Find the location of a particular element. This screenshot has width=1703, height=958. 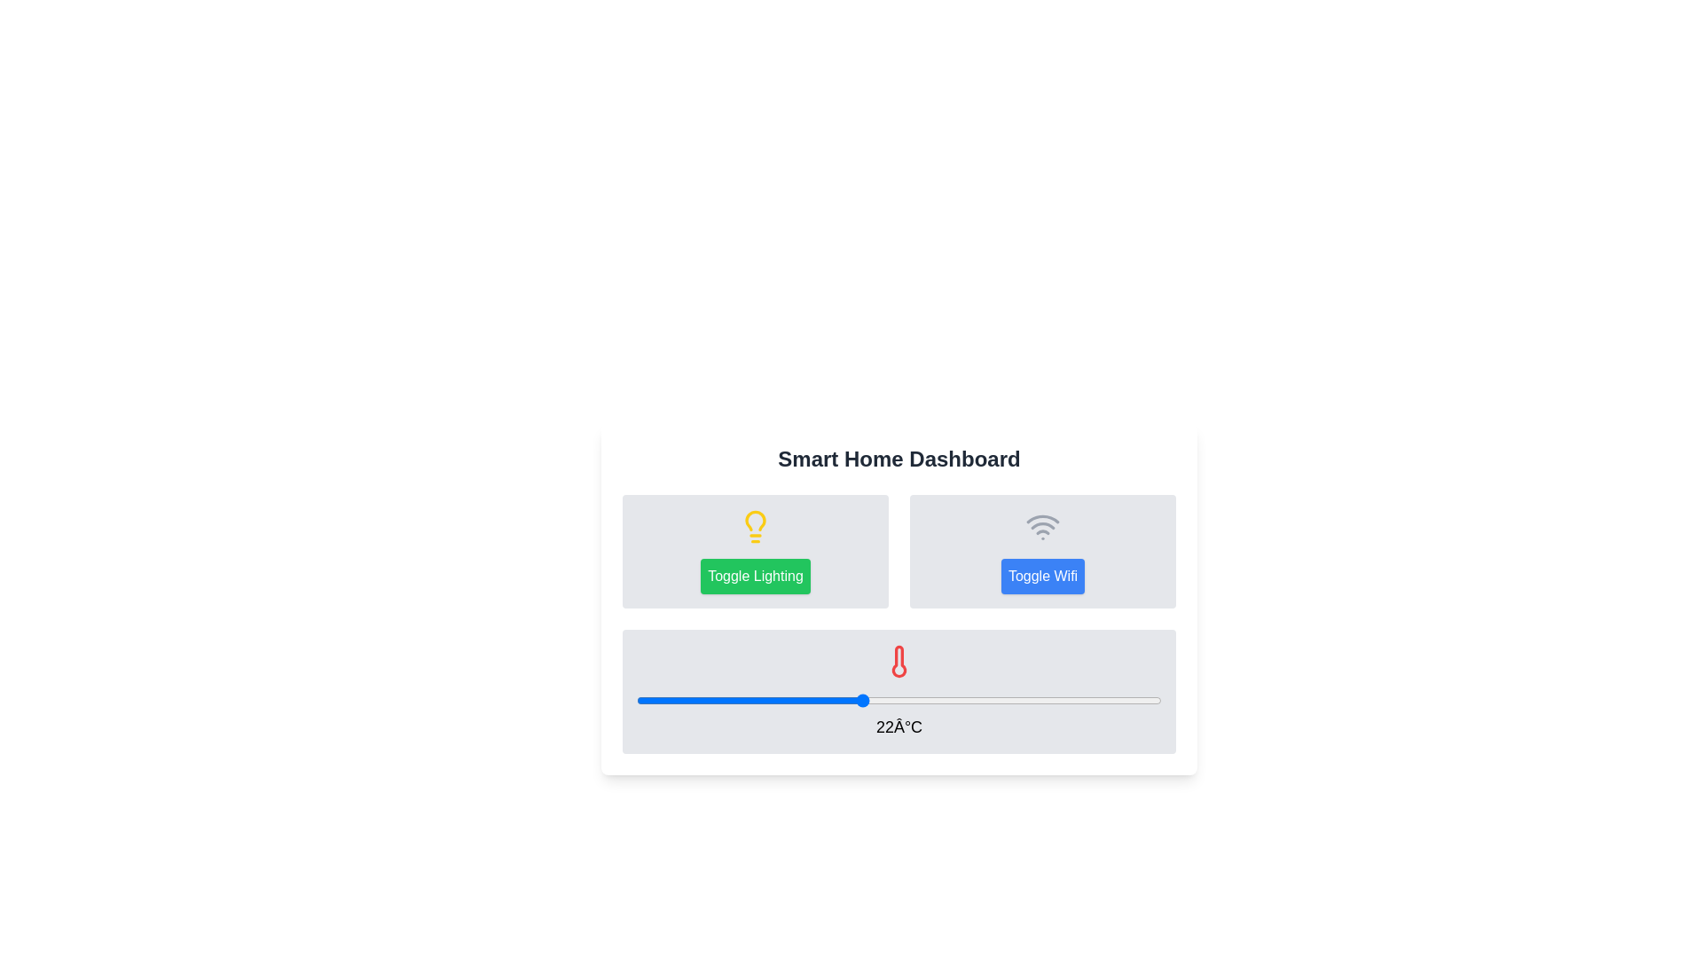

the fluid level representation in the thermometer icon, which is located near the center of the interface, above the slider bar and the temperature text reading '22°C' is located at coordinates (899, 661).